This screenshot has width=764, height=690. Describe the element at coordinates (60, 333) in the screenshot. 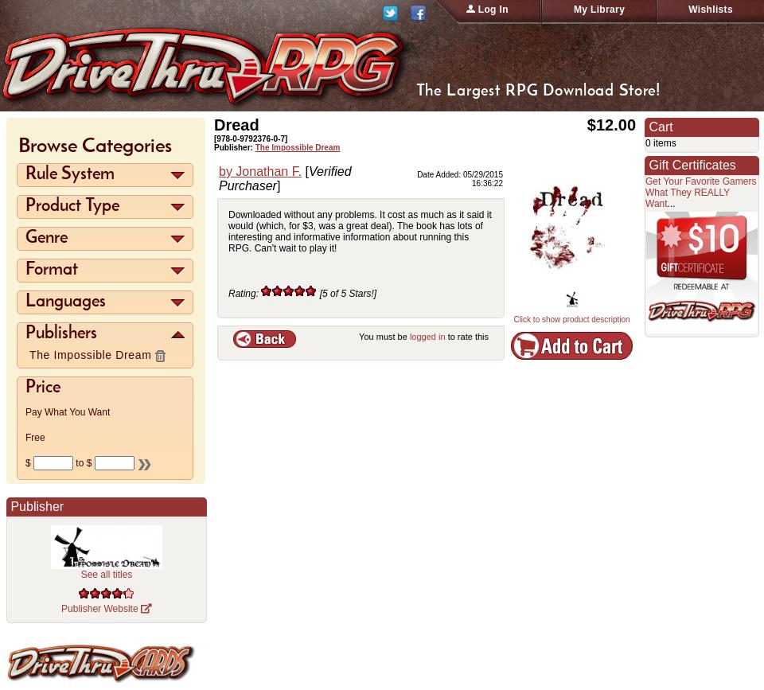

I see `'Publishers'` at that location.